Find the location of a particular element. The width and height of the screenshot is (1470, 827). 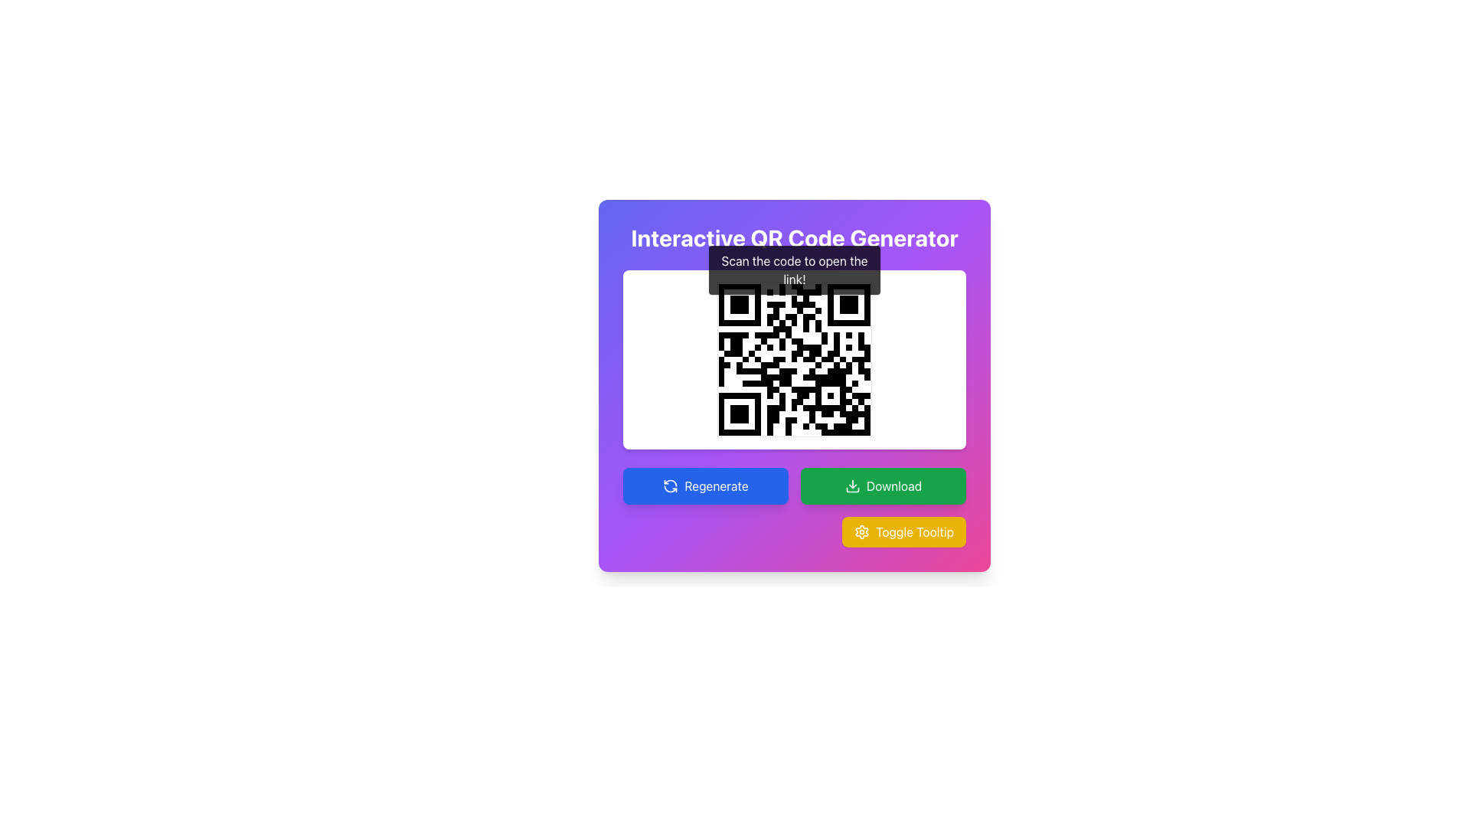

the prominently displayed title 'Interactive QR Code Generator' with a purple gradient background and white text, located at the top-center of the application interface is located at coordinates (794, 238).